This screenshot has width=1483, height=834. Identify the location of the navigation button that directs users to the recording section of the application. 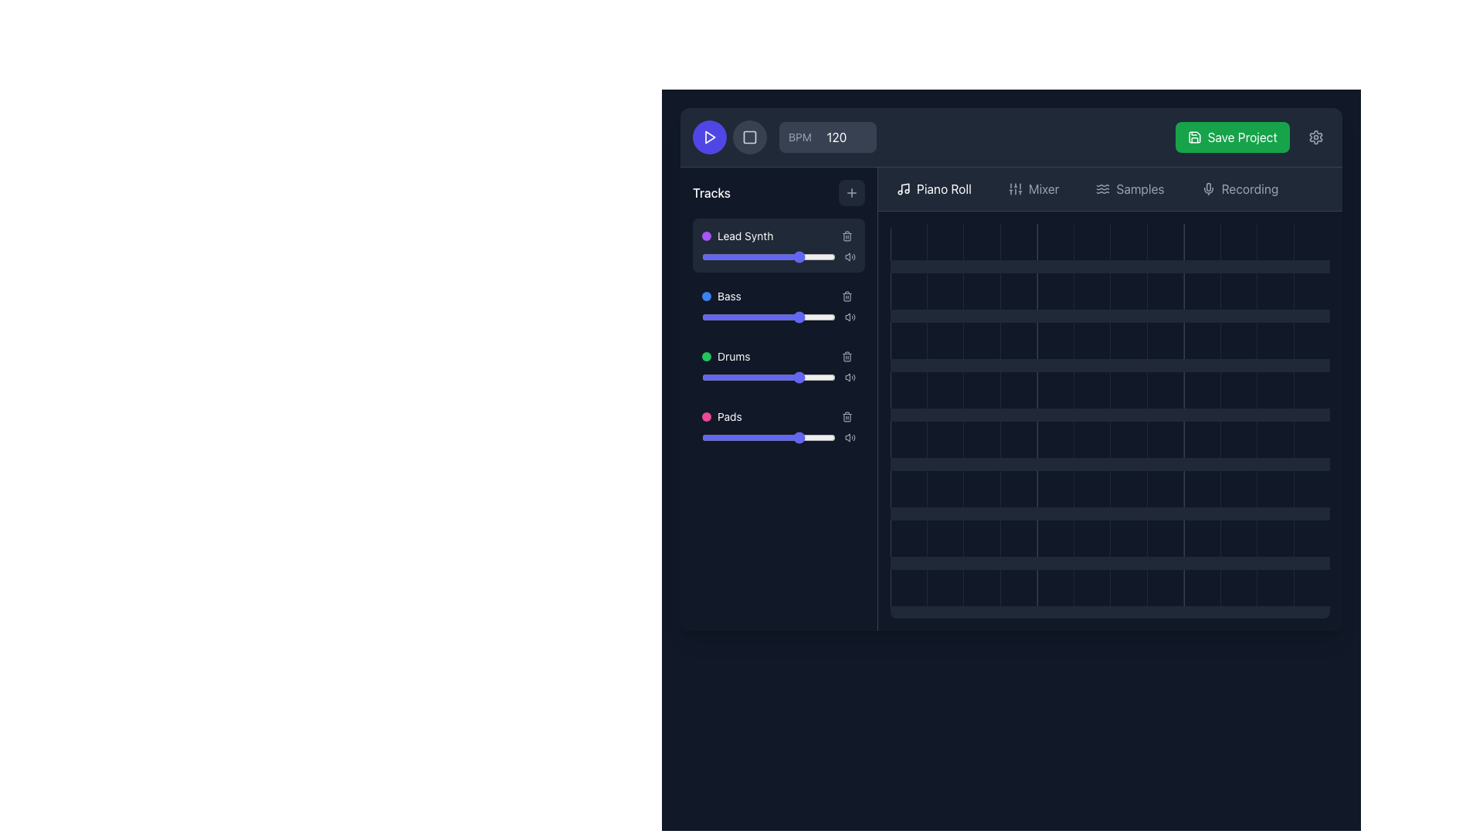
(1240, 188).